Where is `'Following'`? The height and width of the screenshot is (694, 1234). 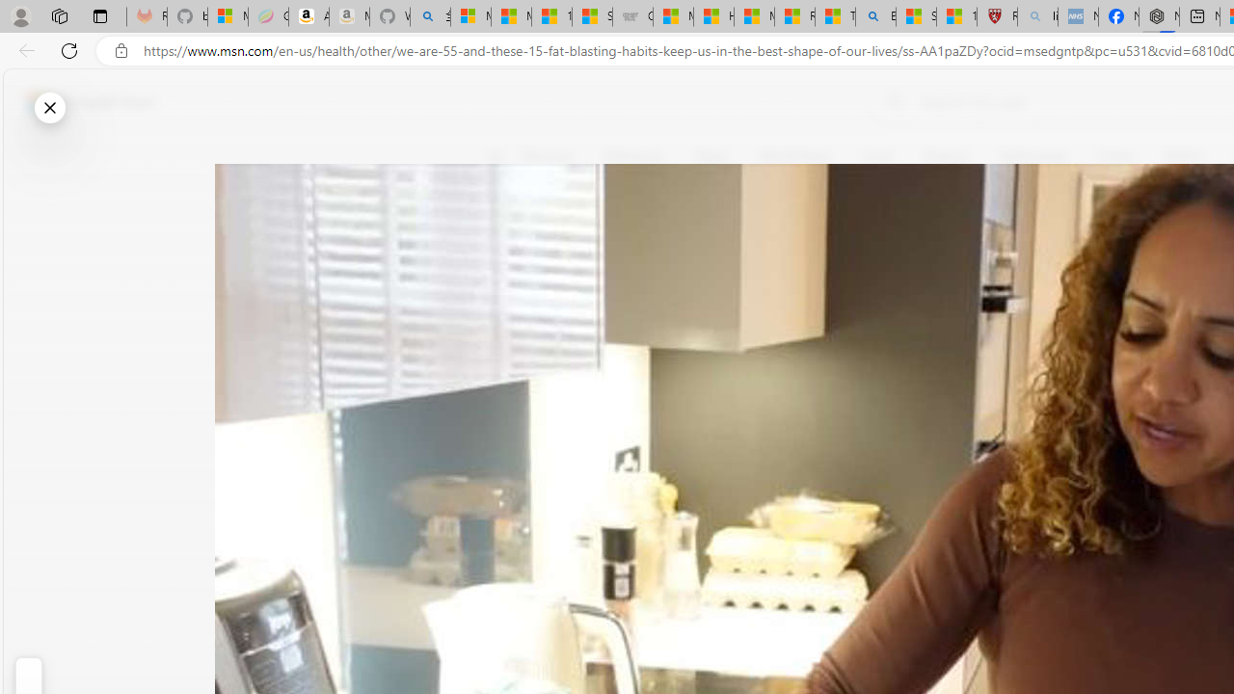
'Following' is located at coordinates (634, 156).